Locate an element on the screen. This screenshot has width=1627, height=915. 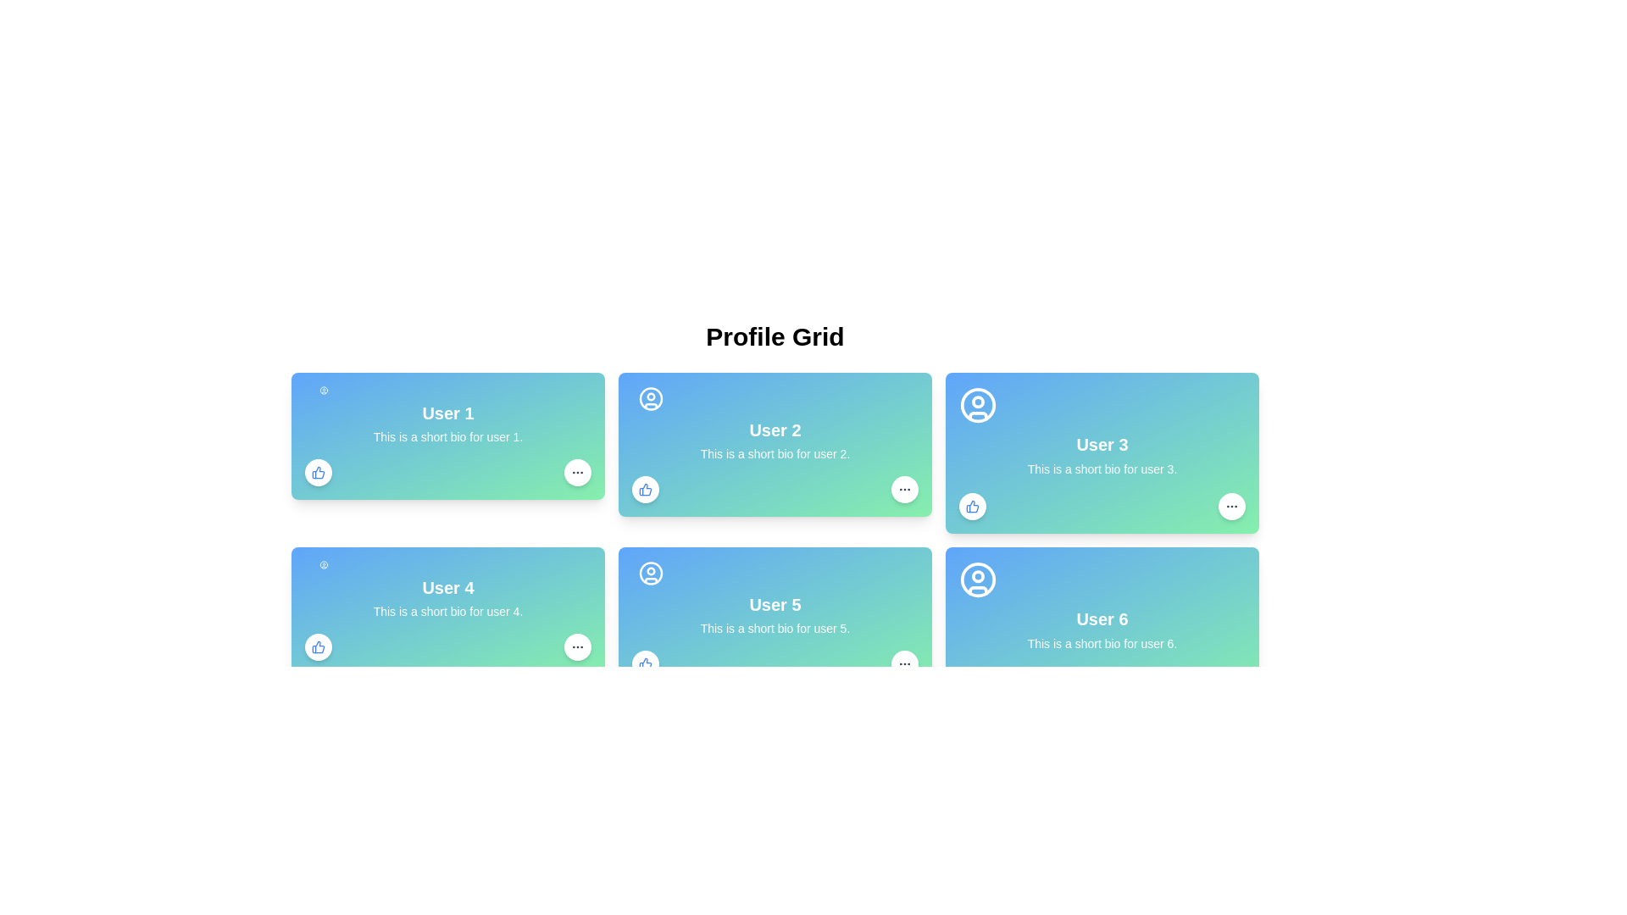
the circular vector graphic icon located within the card labeled 'User 2' is located at coordinates (650, 398).